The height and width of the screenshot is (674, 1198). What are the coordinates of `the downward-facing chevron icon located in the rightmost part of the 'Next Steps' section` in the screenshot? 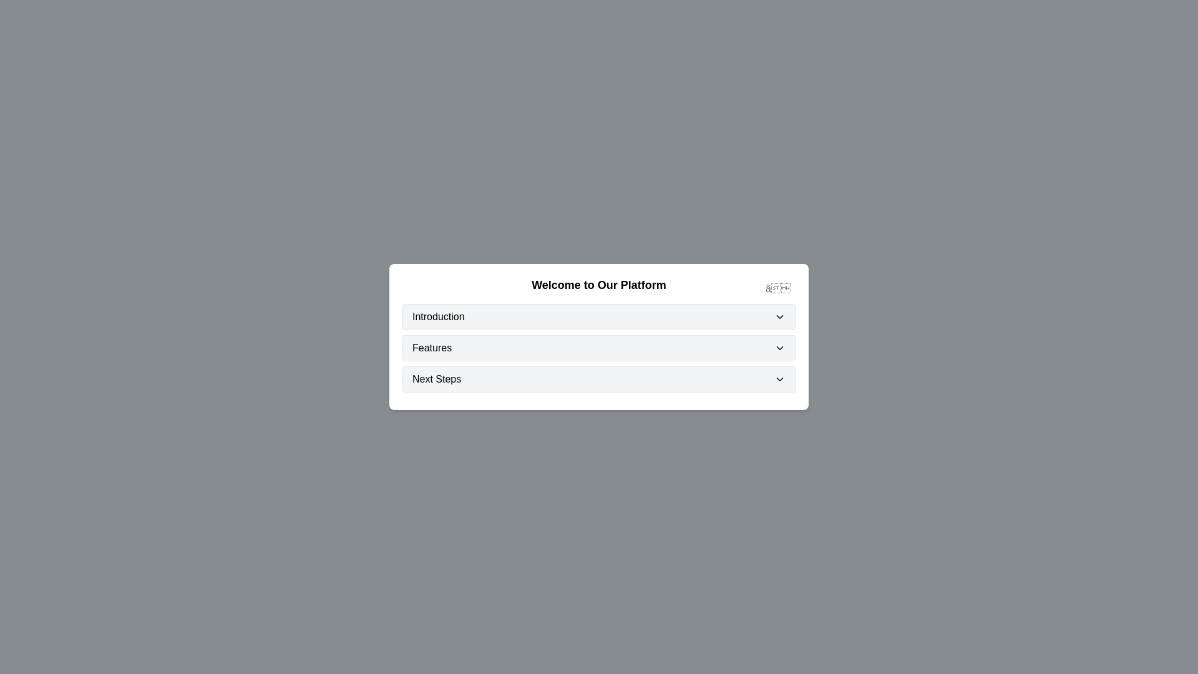 It's located at (779, 379).